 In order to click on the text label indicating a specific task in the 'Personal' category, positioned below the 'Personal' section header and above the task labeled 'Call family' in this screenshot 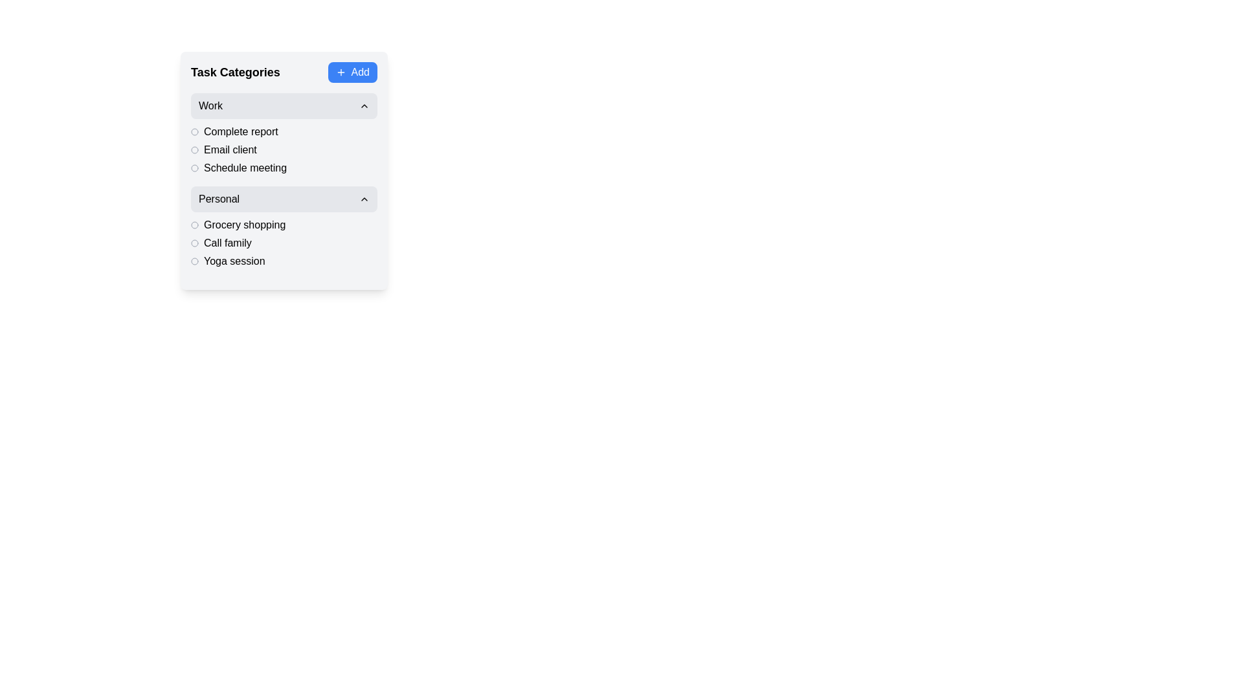, I will do `click(245, 224)`.